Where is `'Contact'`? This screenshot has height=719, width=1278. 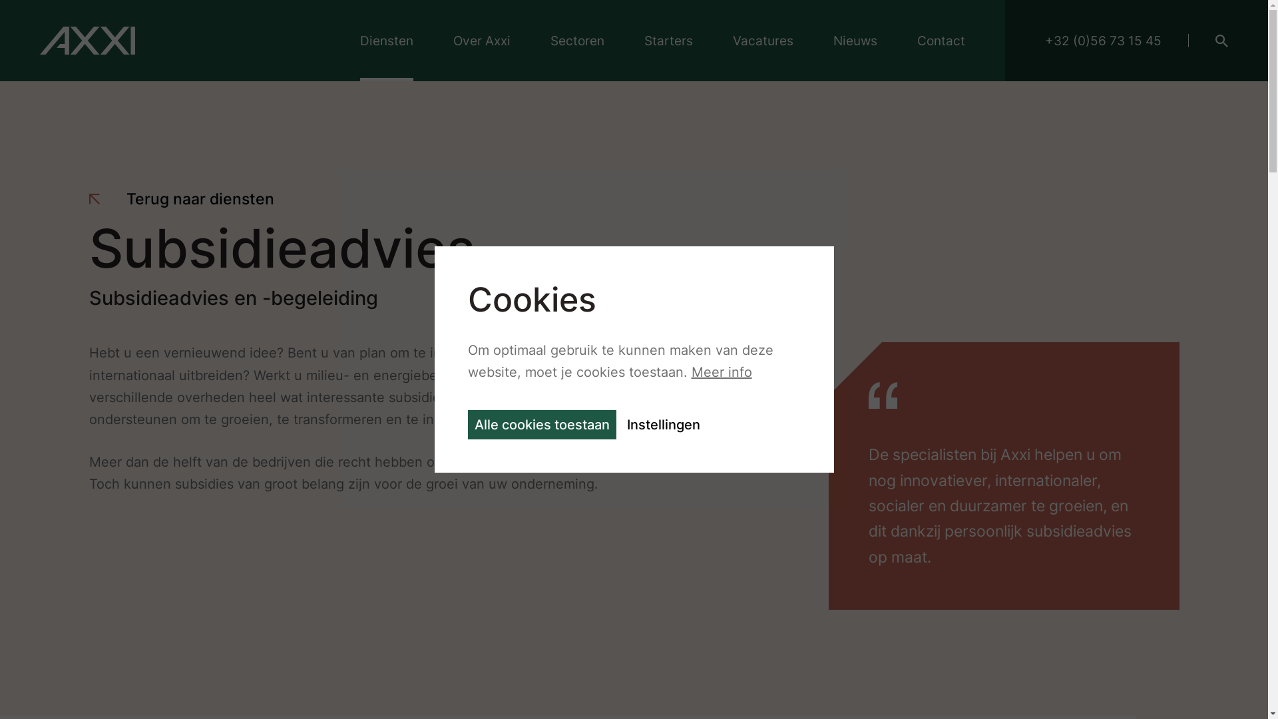
'Contact' is located at coordinates (941, 40).